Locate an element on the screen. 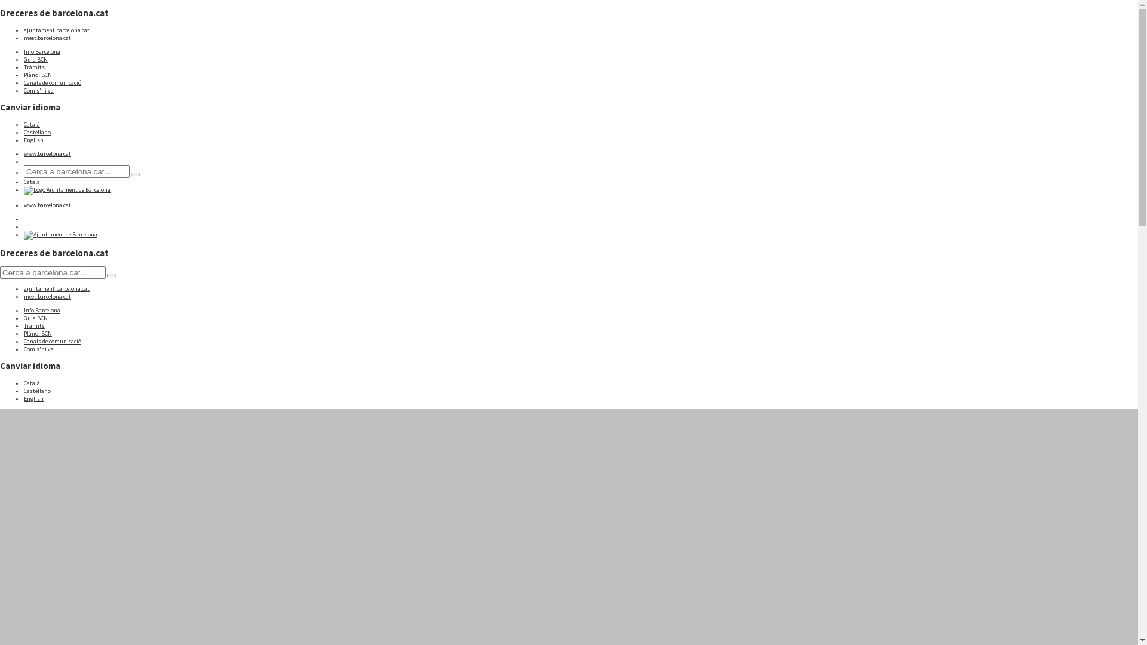 The image size is (1147, 645). 'Info Barcelona' is located at coordinates (42, 51).